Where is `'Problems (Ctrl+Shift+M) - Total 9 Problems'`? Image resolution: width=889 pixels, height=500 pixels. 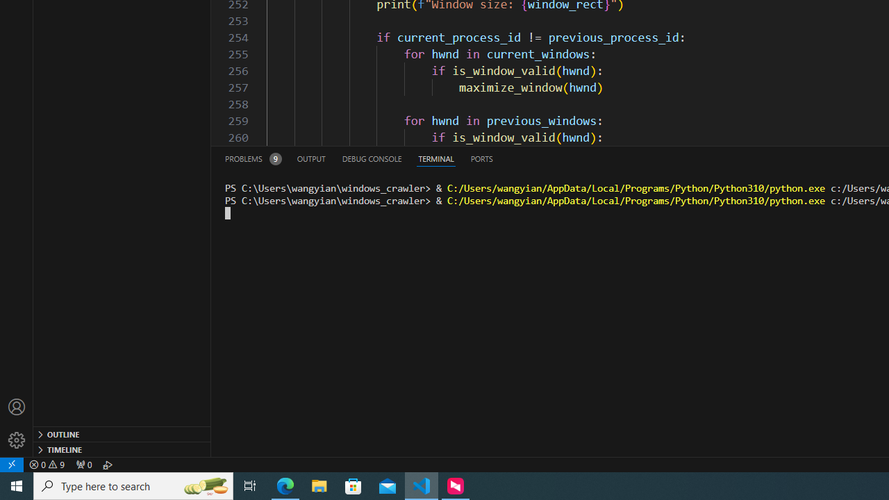
'Problems (Ctrl+Shift+M) - Total 9 Problems' is located at coordinates (253, 158).